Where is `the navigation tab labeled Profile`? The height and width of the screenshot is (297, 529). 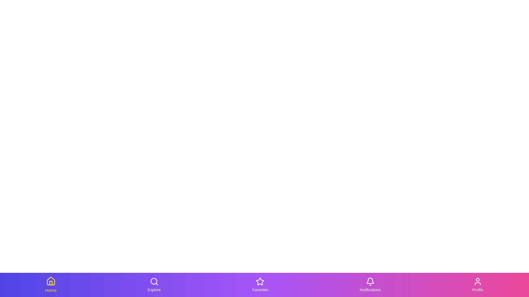
the navigation tab labeled Profile is located at coordinates (477, 285).